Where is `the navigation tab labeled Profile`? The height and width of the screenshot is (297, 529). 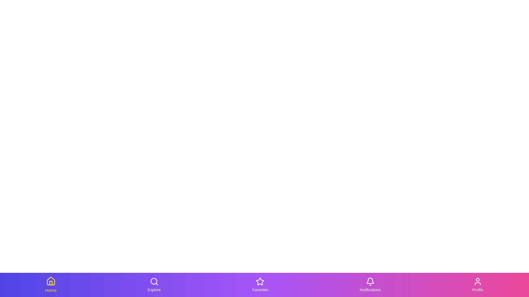
the navigation tab labeled Profile is located at coordinates (477, 285).